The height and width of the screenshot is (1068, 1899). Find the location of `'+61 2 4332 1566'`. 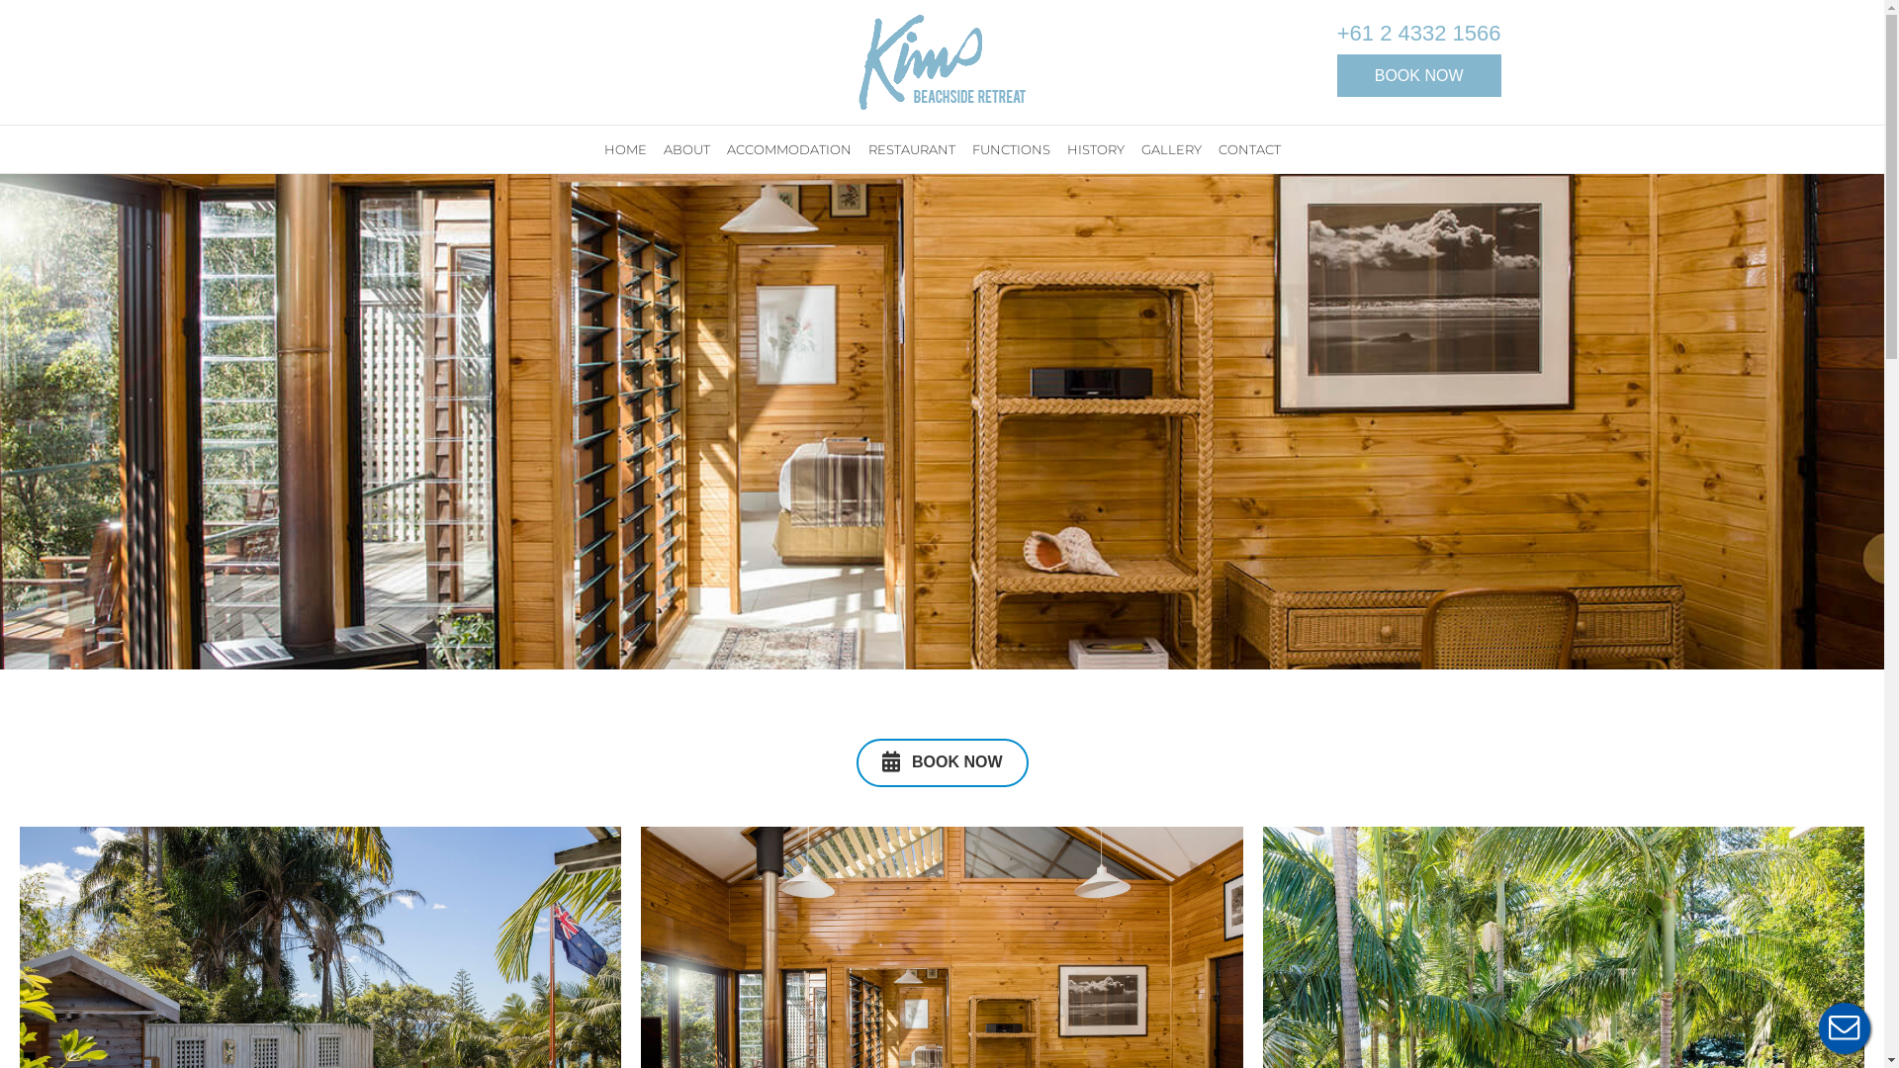

'+61 2 4332 1566' is located at coordinates (1418, 34).